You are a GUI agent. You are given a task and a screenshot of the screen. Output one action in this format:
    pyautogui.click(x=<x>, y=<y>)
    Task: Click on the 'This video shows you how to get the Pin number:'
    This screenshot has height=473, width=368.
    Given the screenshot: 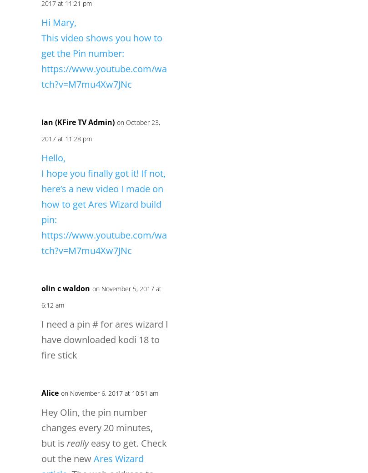 What is the action you would take?
    pyautogui.click(x=101, y=45)
    